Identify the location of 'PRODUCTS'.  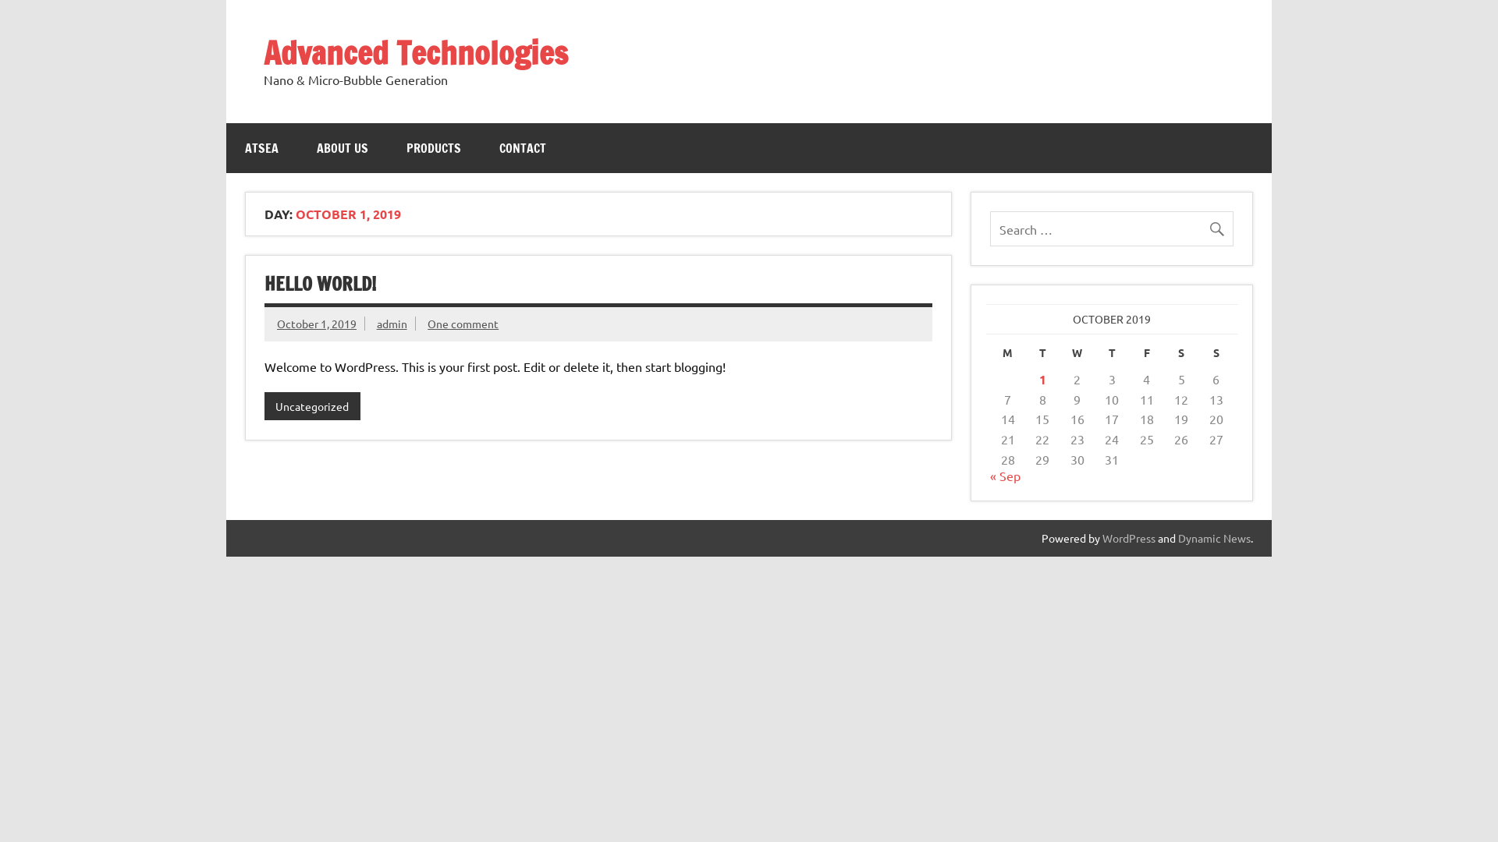
(434, 147).